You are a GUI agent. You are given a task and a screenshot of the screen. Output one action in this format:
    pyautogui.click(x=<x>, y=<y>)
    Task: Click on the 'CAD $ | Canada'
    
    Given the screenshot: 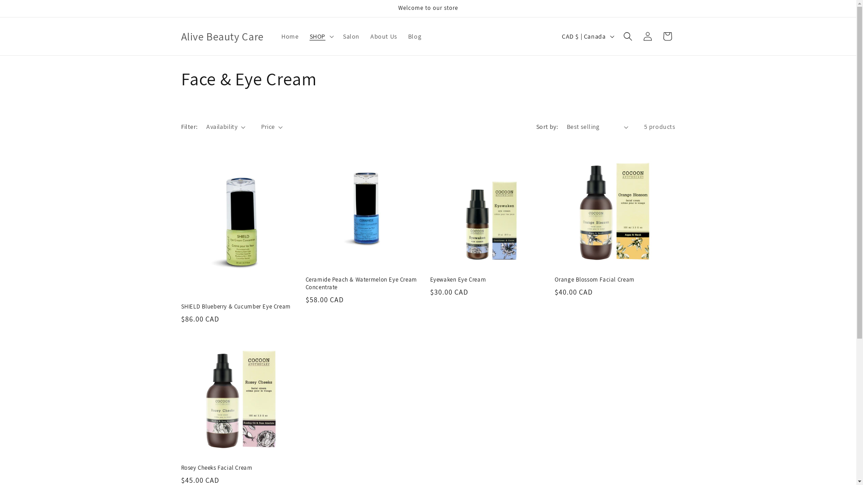 What is the action you would take?
    pyautogui.click(x=587, y=36)
    